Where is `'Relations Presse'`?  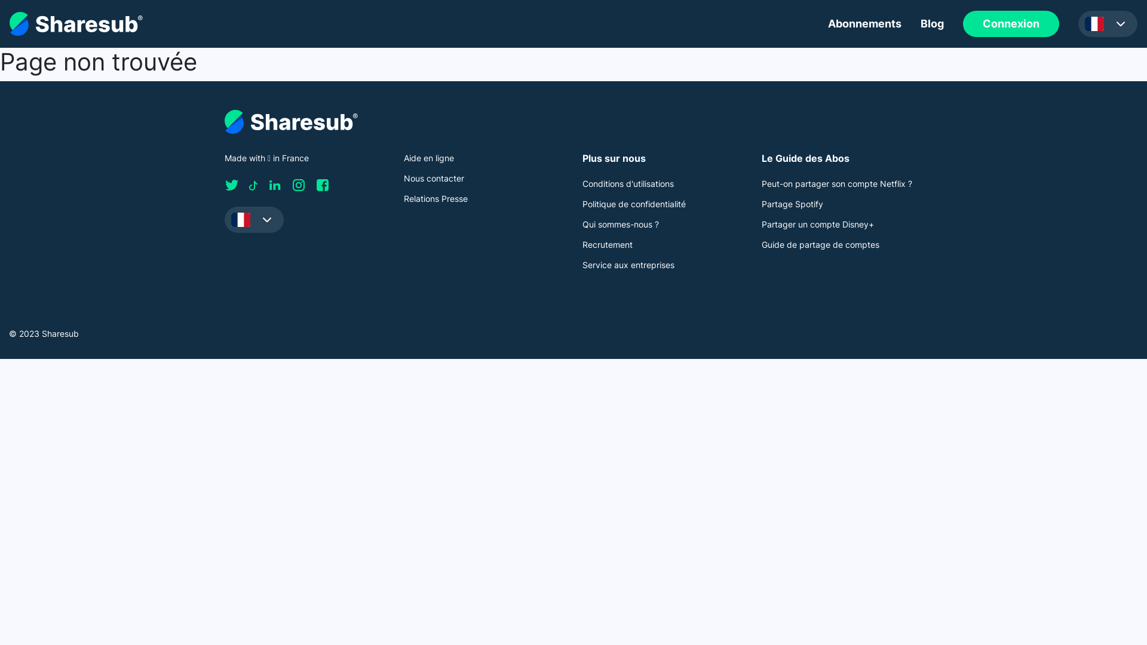
'Relations Presse' is located at coordinates (435, 198).